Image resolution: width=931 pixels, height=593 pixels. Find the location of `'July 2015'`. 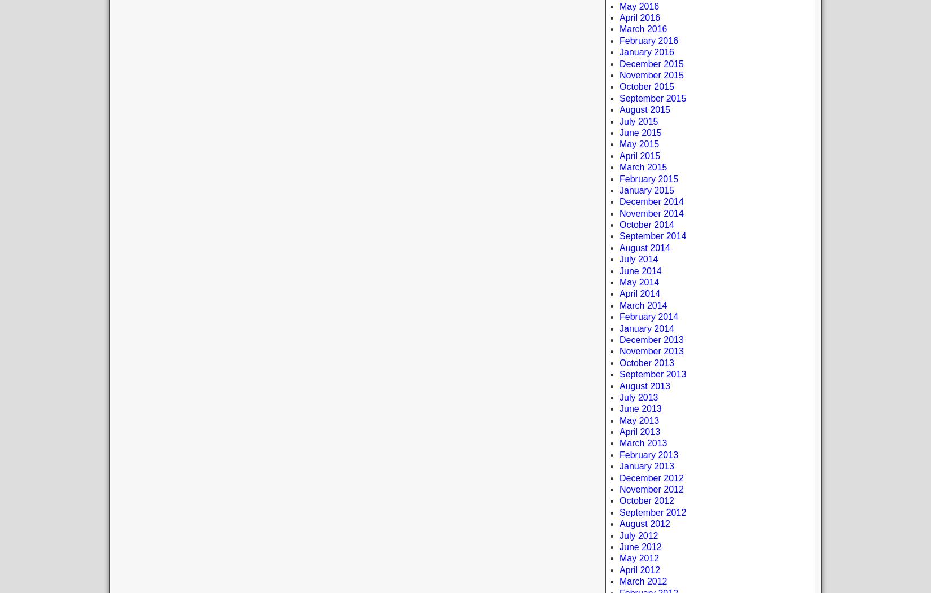

'July 2015' is located at coordinates (639, 120).